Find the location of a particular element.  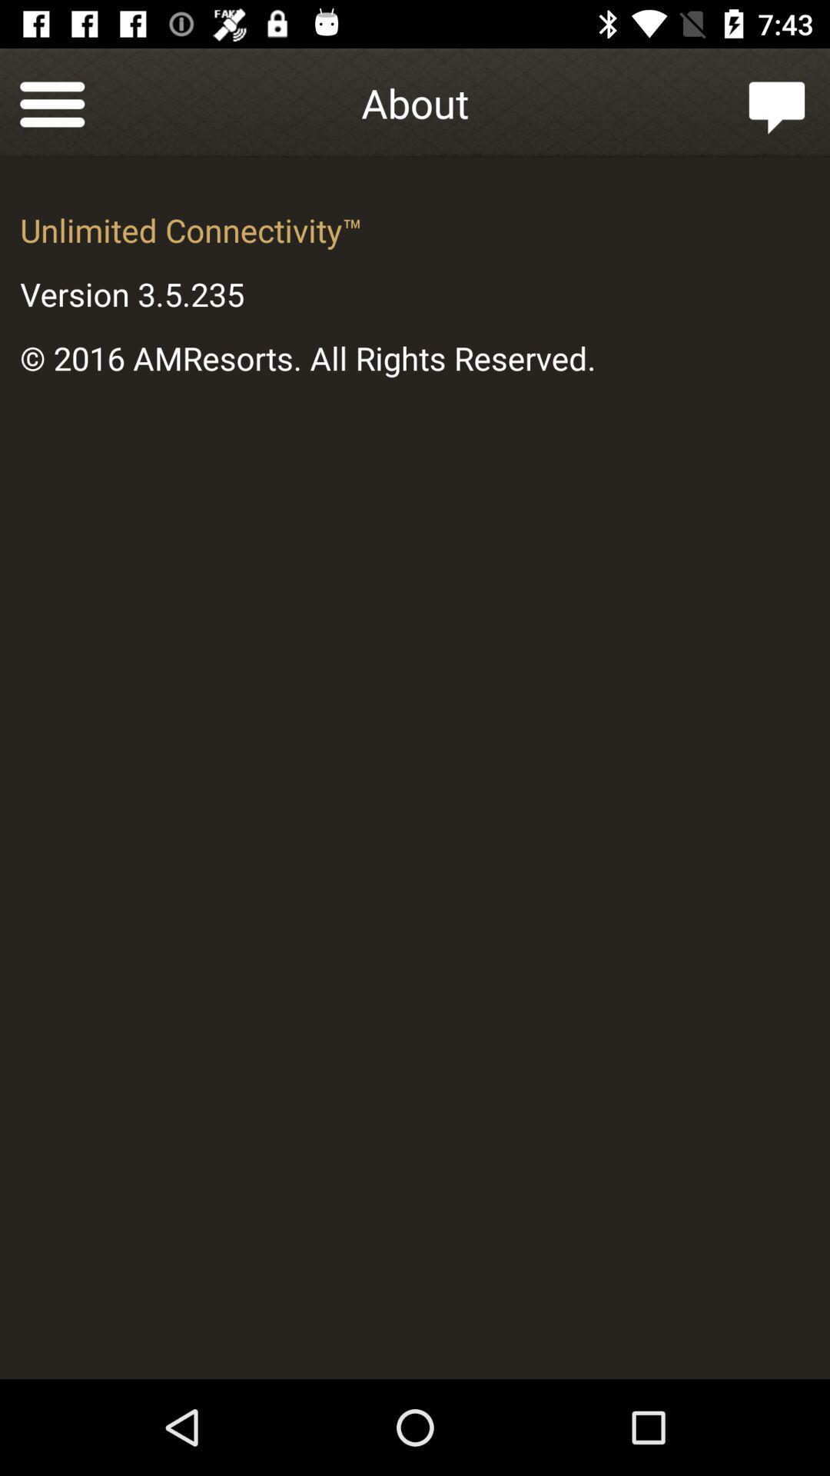

the chat icon is located at coordinates (777, 101).